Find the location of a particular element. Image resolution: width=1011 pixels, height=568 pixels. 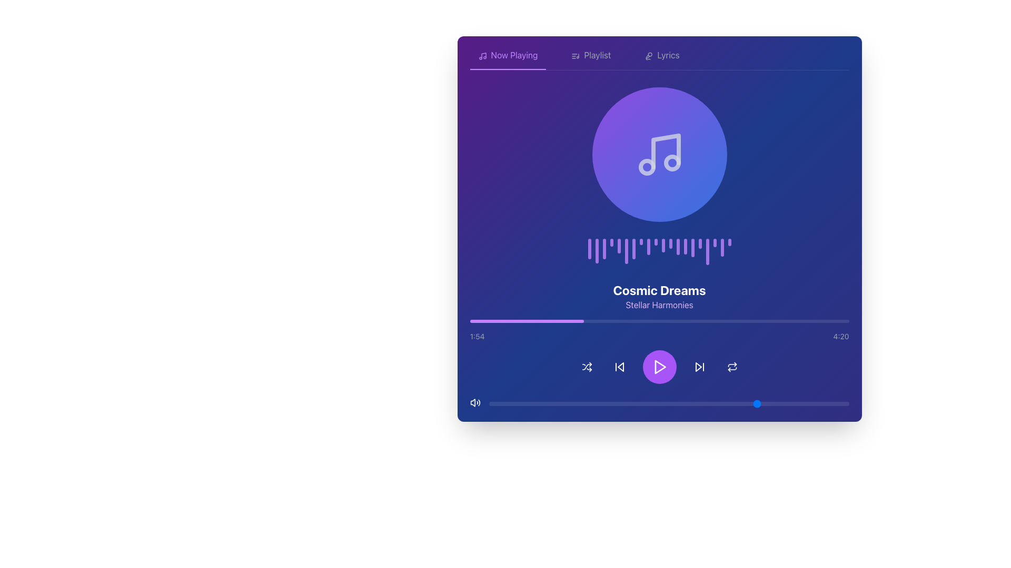

the 18th vertical progress indicator bar, which is a thin, semi-transparent purple bar part of a sequence of 20 bars, located in the upper-middle region of the interface is located at coordinates (715, 242).